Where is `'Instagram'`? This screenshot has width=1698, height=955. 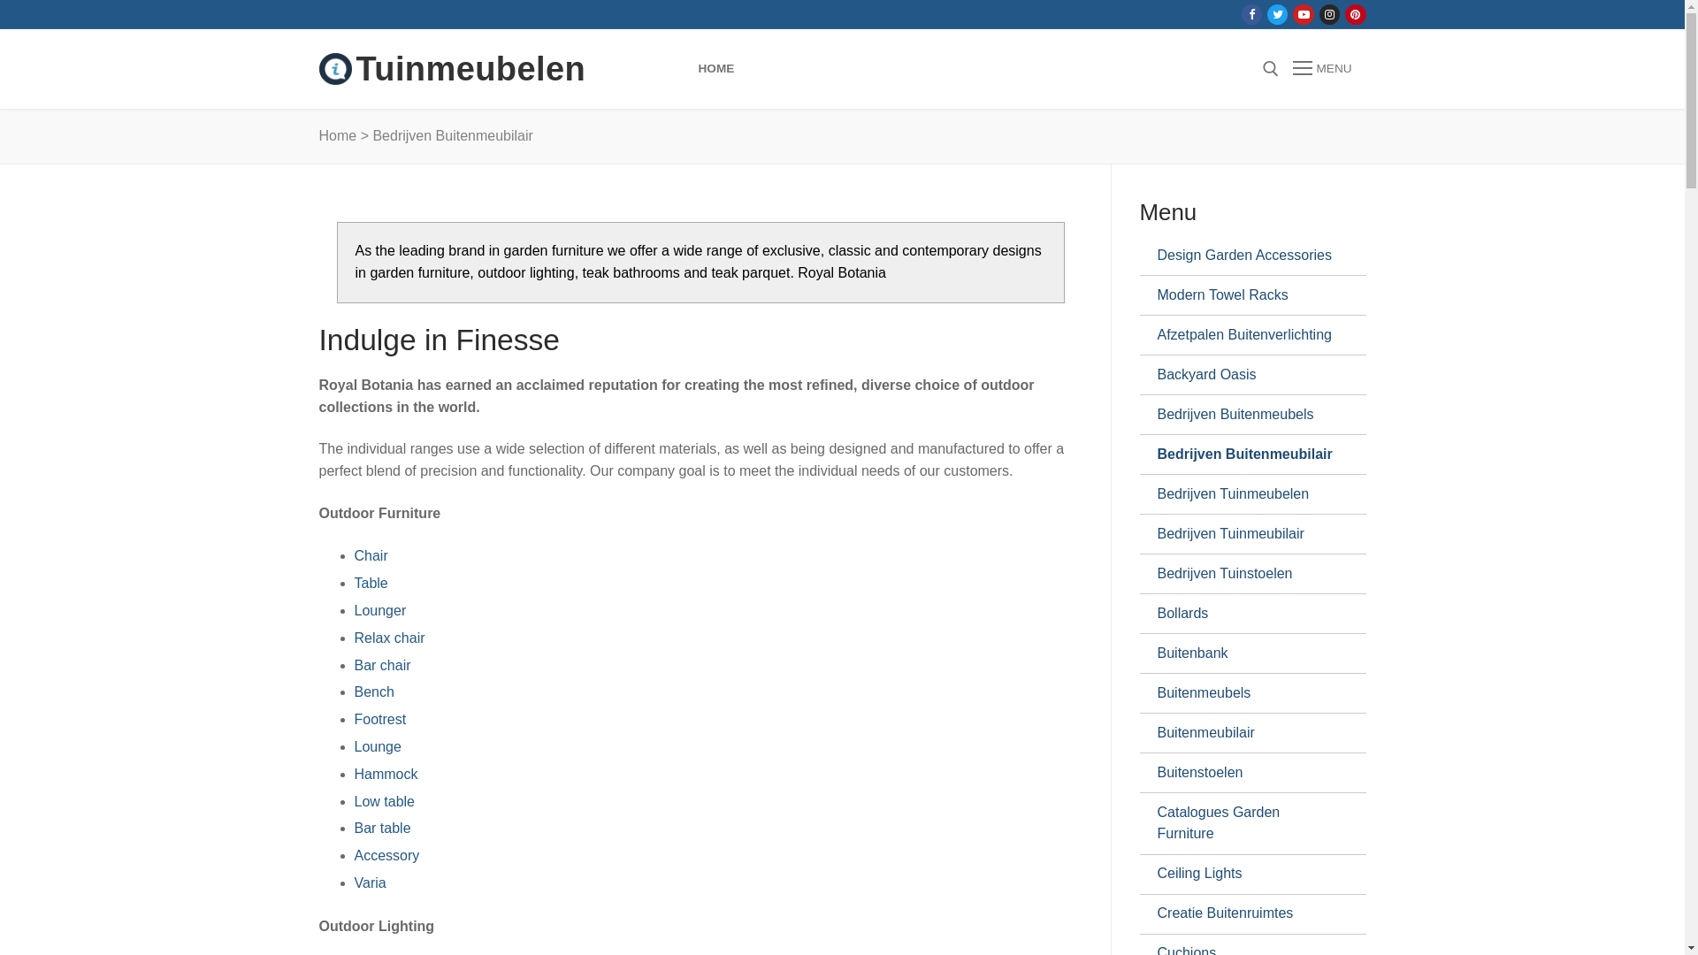 'Instagram' is located at coordinates (1324, 14).